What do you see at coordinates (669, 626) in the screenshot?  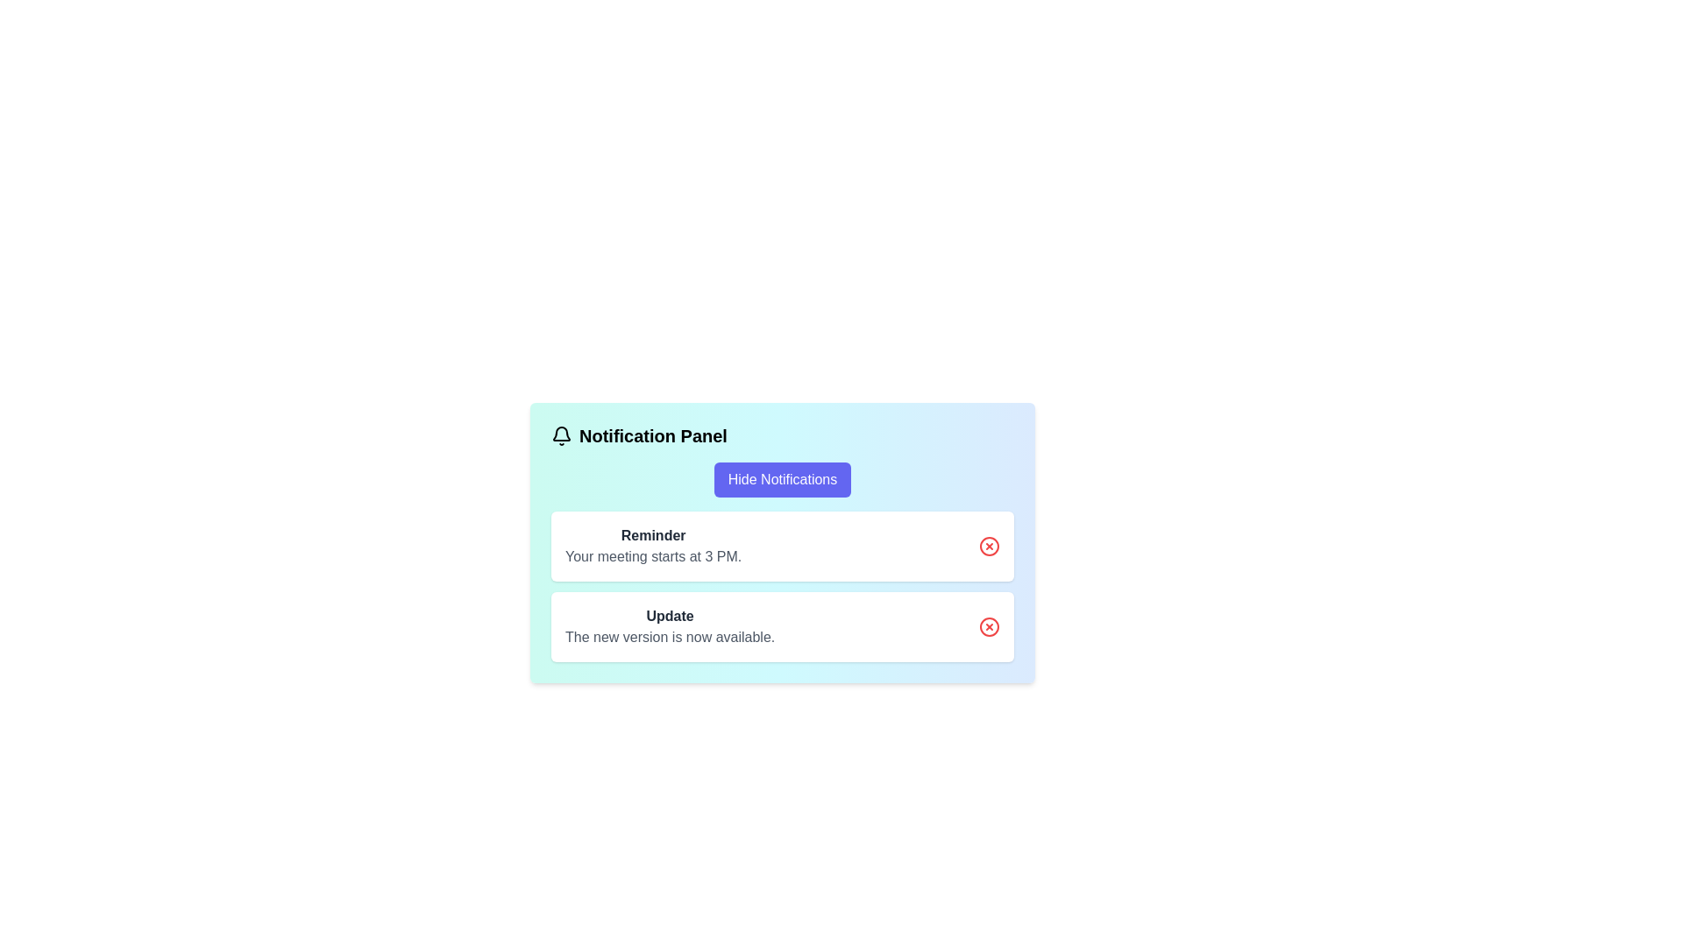 I see `information provided in the notification message about the availability of a new version, which is the second notification listed below 'Reminder' in the notification panel` at bounding box center [669, 626].